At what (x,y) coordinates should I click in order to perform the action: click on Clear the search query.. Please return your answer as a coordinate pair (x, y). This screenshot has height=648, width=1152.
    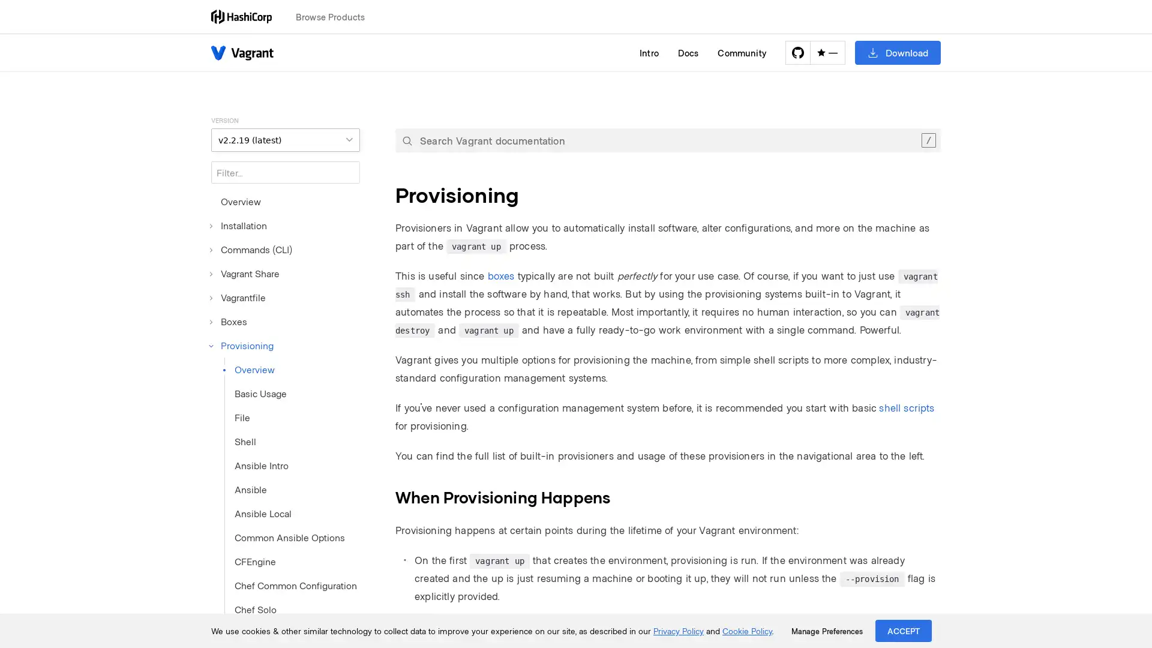
    Looking at the image, I should click on (928, 140).